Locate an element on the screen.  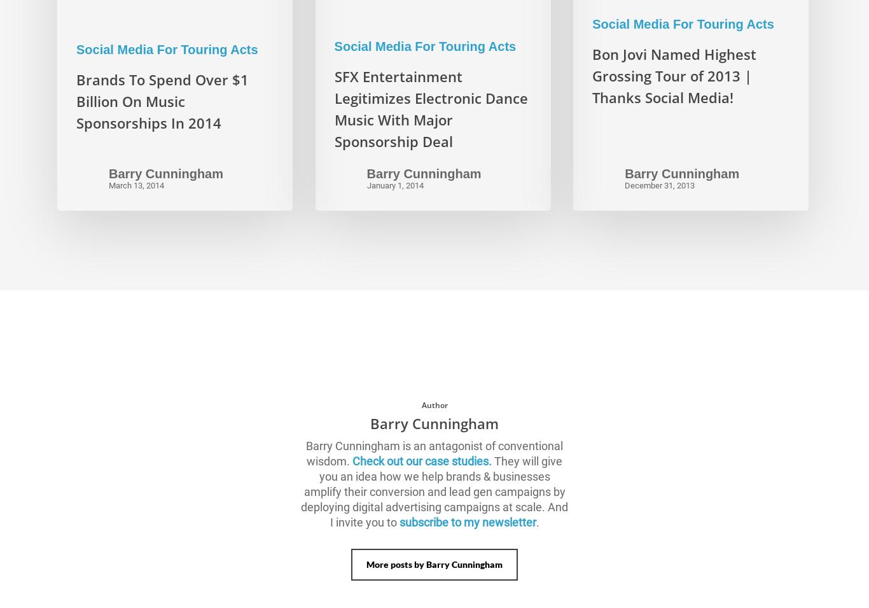
'Barry Cunningham is an antagonist of conventional wisdom.' is located at coordinates (305, 452).